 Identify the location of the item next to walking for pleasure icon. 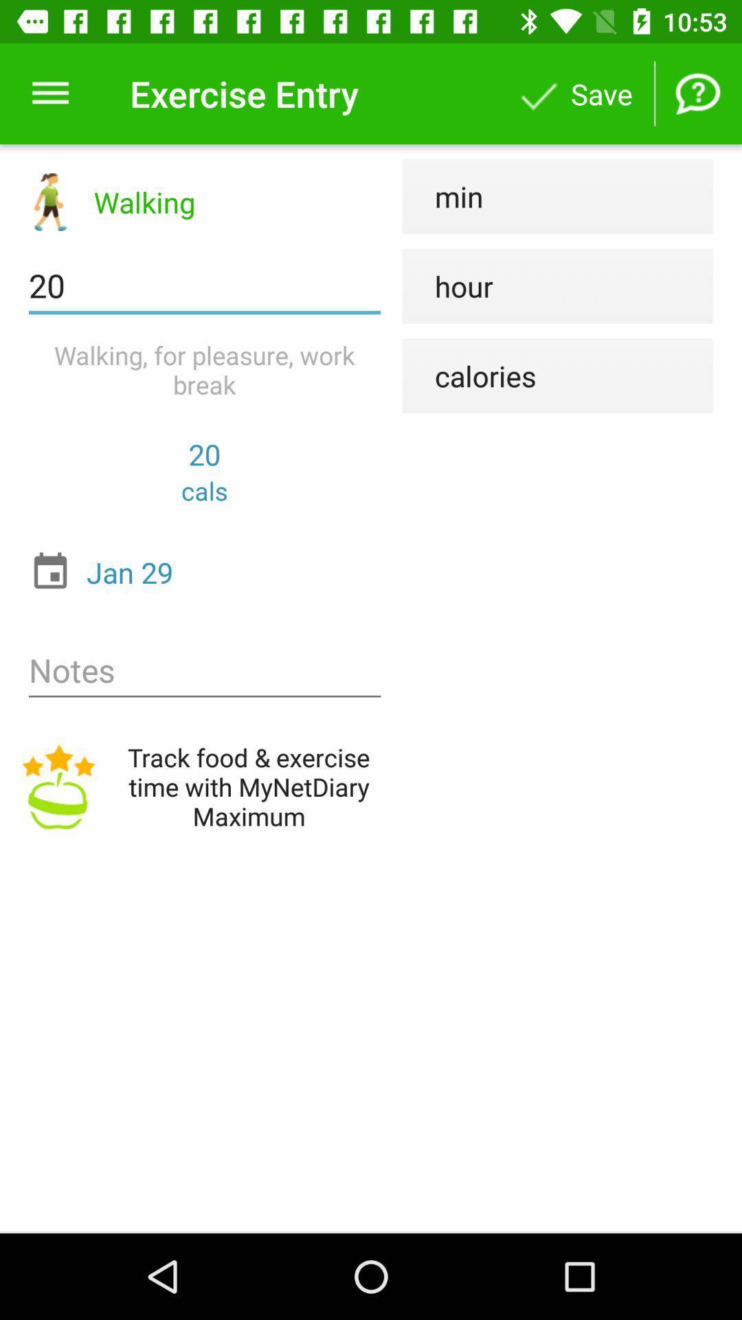
(469, 375).